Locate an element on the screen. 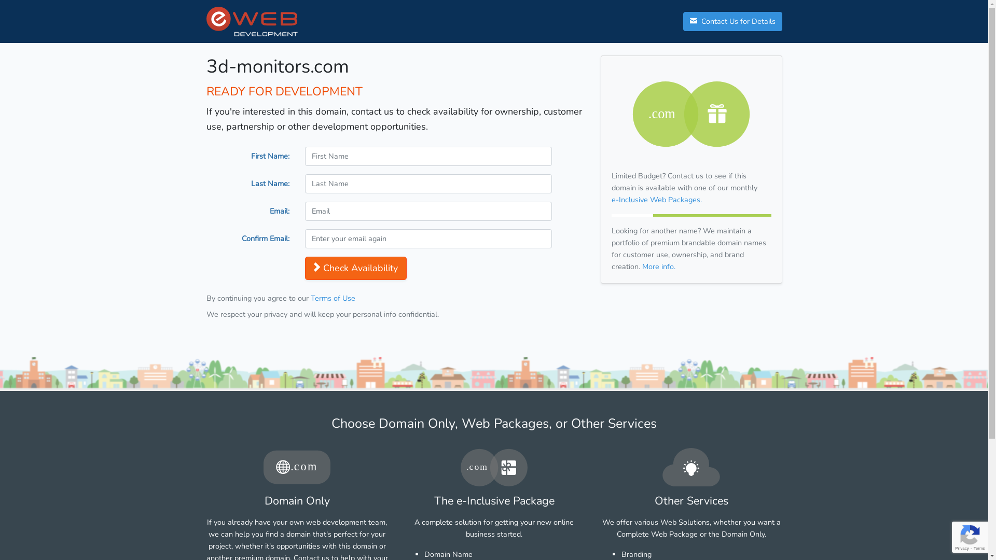  'Contact Us for Details' is located at coordinates (682, 21).